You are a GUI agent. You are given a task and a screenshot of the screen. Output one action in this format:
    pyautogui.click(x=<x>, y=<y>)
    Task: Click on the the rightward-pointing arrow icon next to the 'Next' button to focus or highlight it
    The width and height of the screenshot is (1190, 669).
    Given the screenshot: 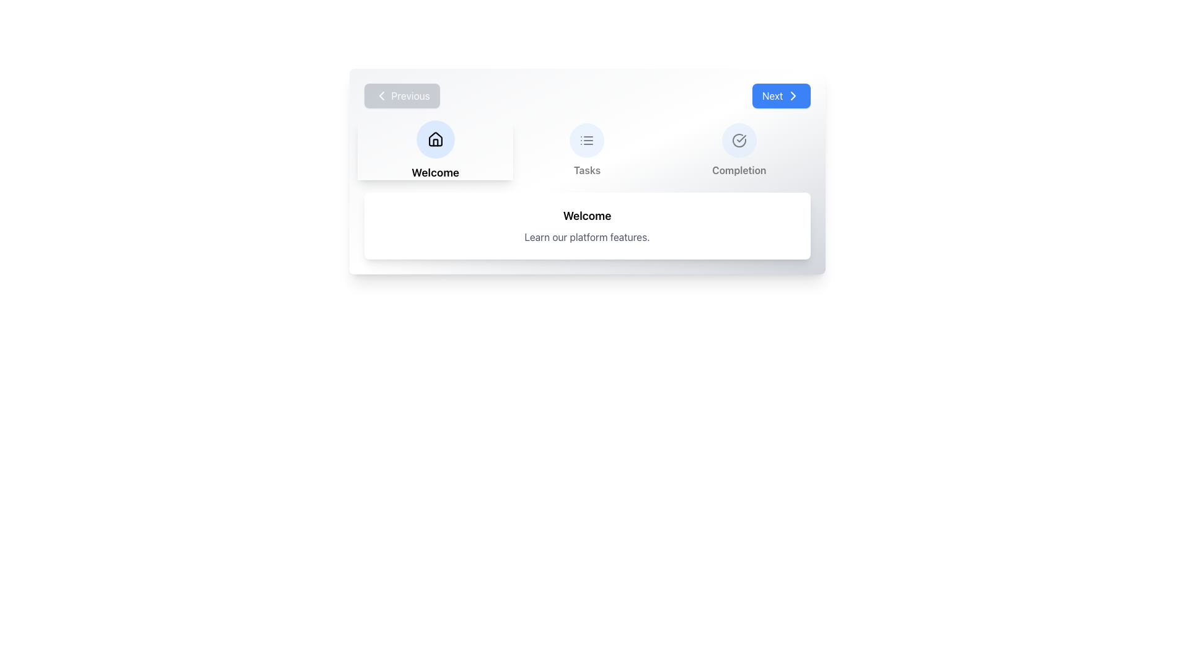 What is the action you would take?
    pyautogui.click(x=792, y=95)
    